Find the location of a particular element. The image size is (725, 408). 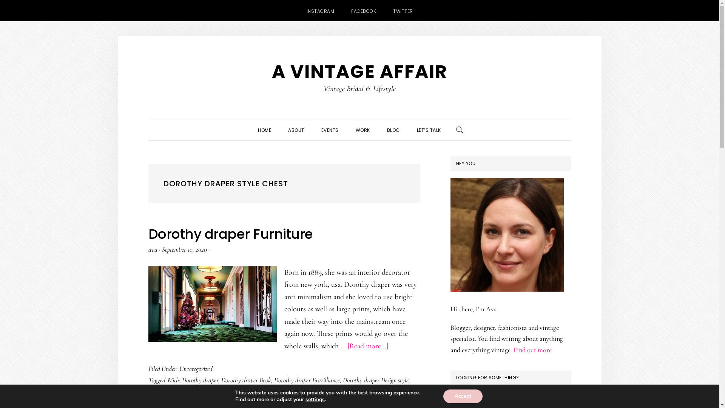

'TWITTER' is located at coordinates (403, 10).